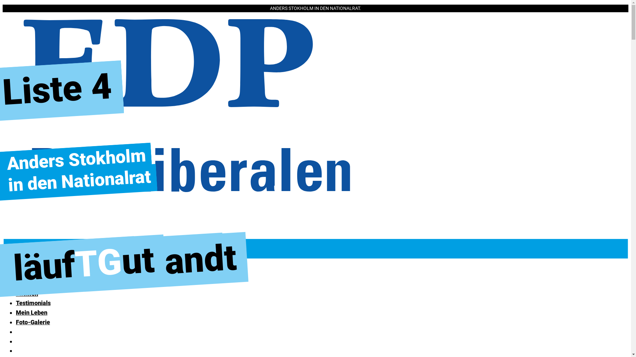  I want to click on 'Meine Motivation', so click(39, 284).